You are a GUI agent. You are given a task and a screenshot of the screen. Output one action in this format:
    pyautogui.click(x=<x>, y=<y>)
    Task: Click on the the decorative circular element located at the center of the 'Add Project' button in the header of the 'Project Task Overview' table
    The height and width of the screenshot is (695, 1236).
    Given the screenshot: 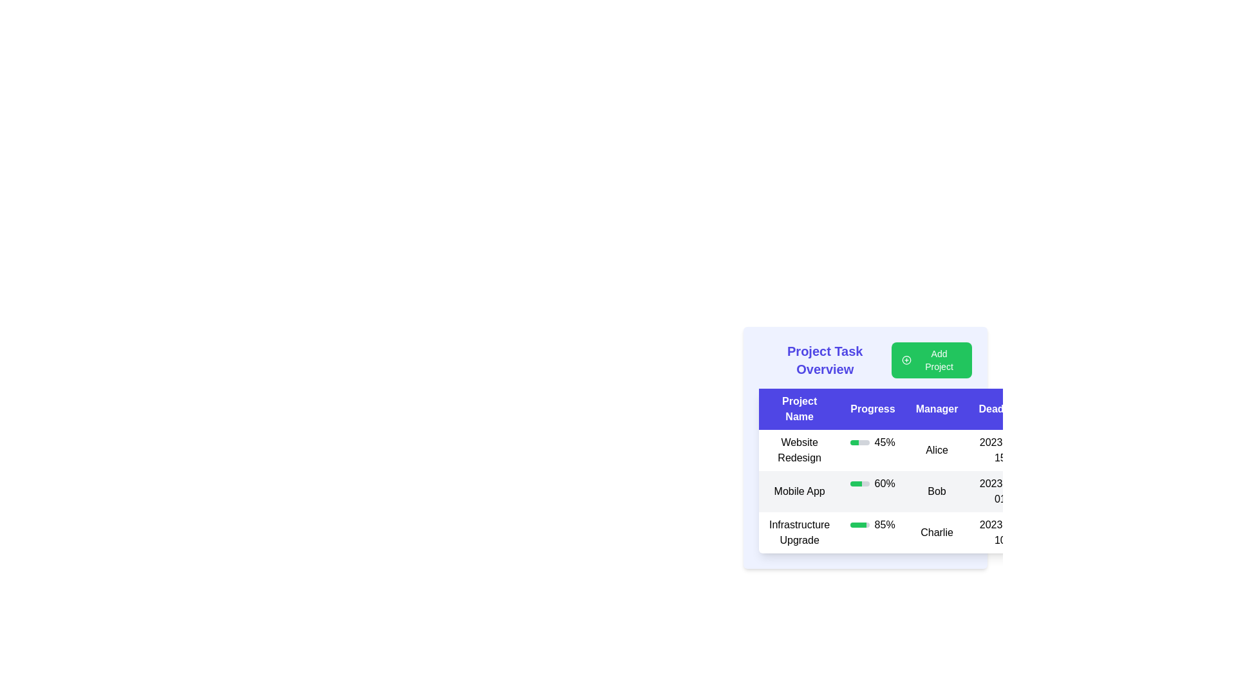 What is the action you would take?
    pyautogui.click(x=906, y=360)
    